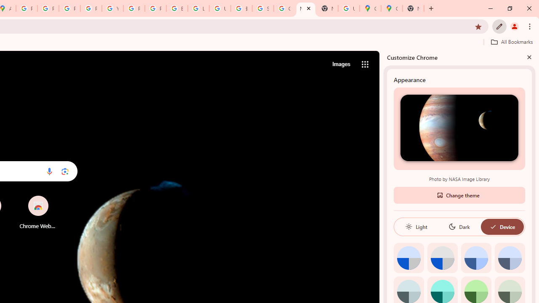 Image resolution: width=539 pixels, height=303 pixels. I want to click on 'Privacy Help Center - Policies Help', so click(69, 8).